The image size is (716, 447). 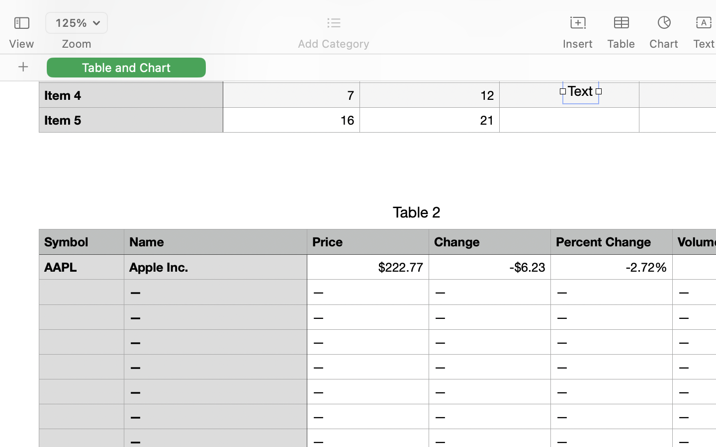 What do you see at coordinates (126, 67) in the screenshot?
I see `'Table and Chart'` at bounding box center [126, 67].